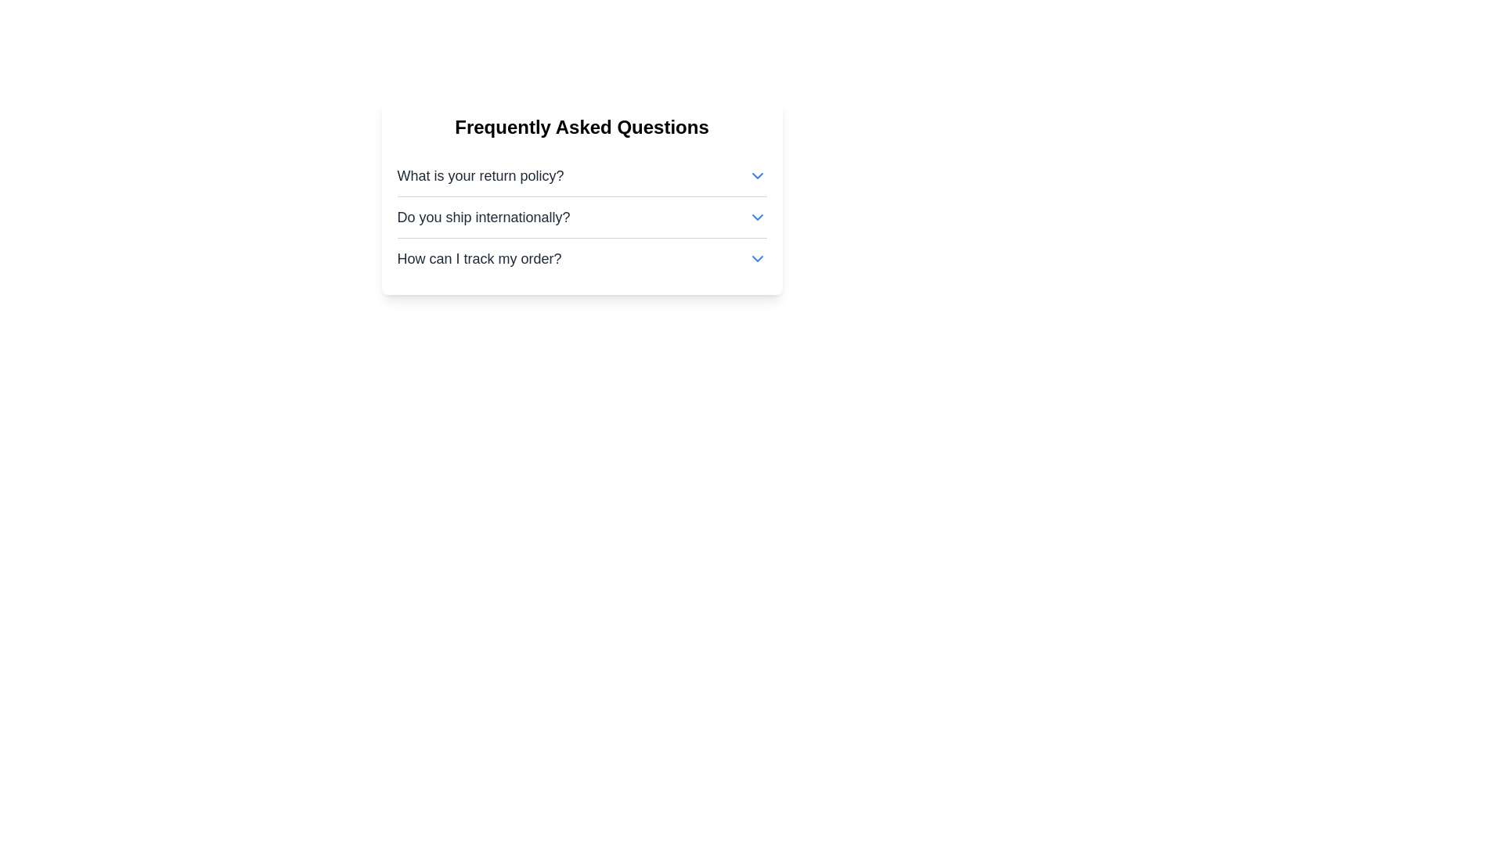  Describe the element at coordinates (581, 175) in the screenshot. I see `the toggle for the return policy section` at that location.